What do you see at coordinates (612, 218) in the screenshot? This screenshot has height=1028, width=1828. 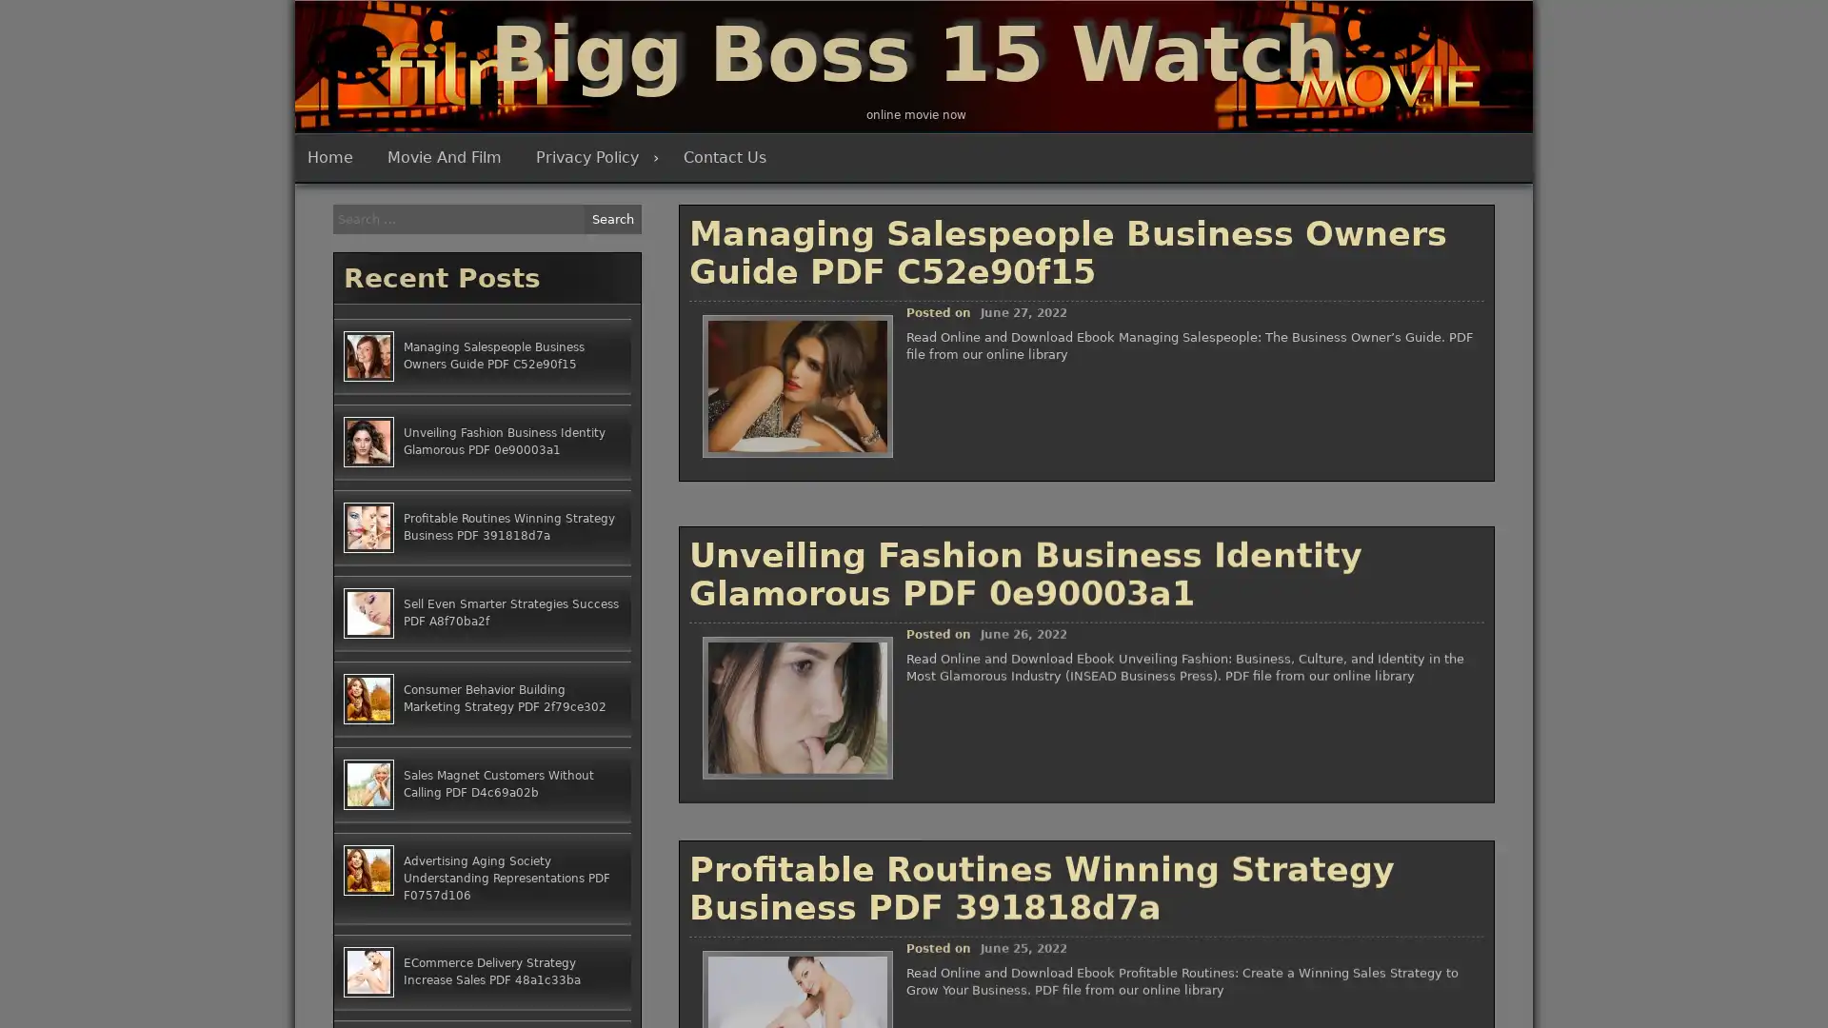 I see `Search` at bounding box center [612, 218].